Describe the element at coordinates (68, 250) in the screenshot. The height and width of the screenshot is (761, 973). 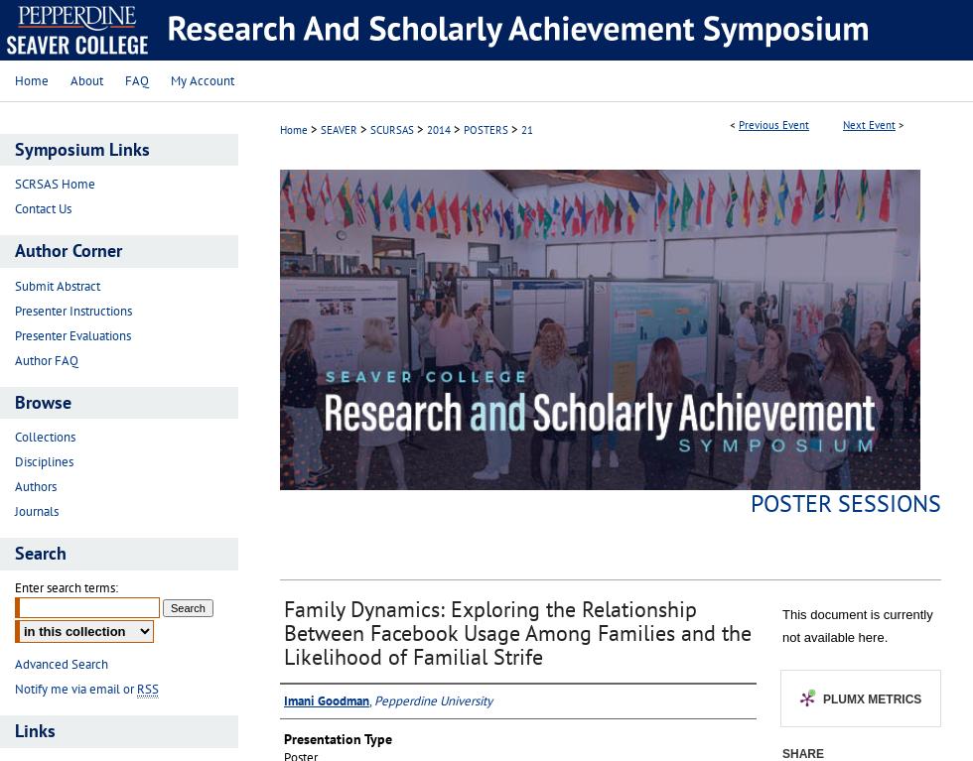
I see `'Author Corner'` at that location.